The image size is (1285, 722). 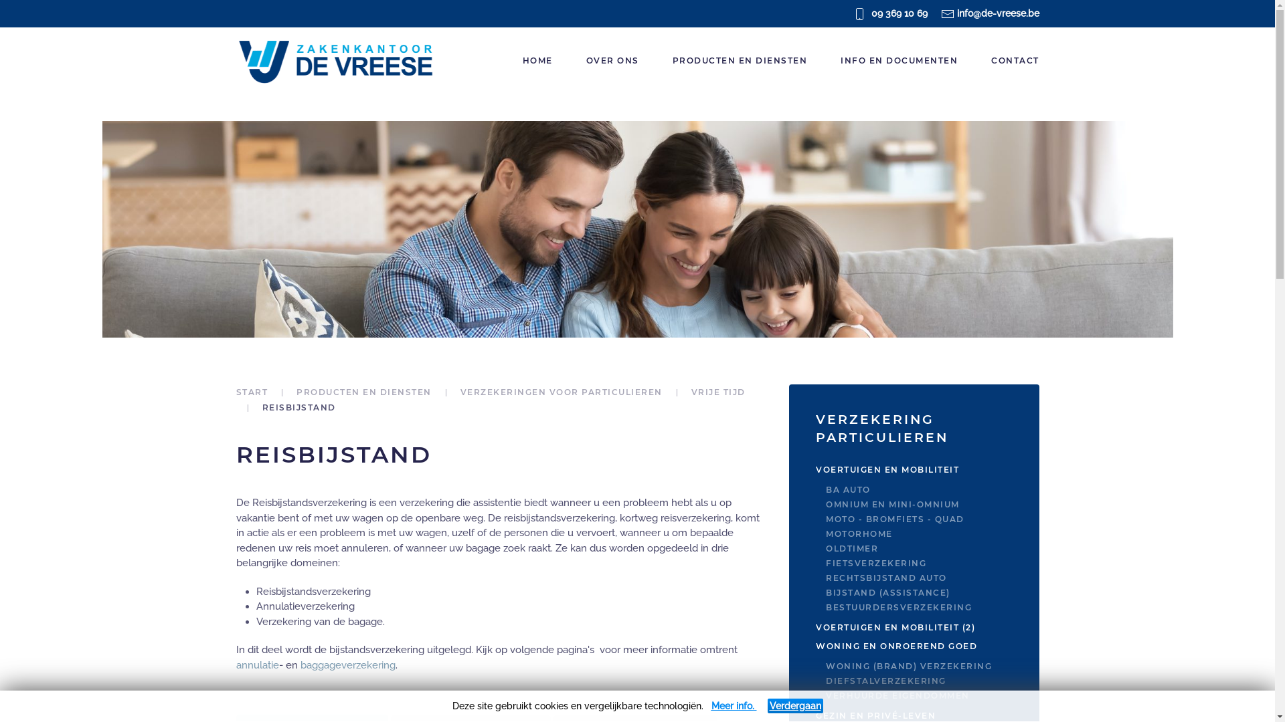 What do you see at coordinates (931, 505) in the screenshot?
I see `'OMNIUM EN MINI-OMNIUM'` at bounding box center [931, 505].